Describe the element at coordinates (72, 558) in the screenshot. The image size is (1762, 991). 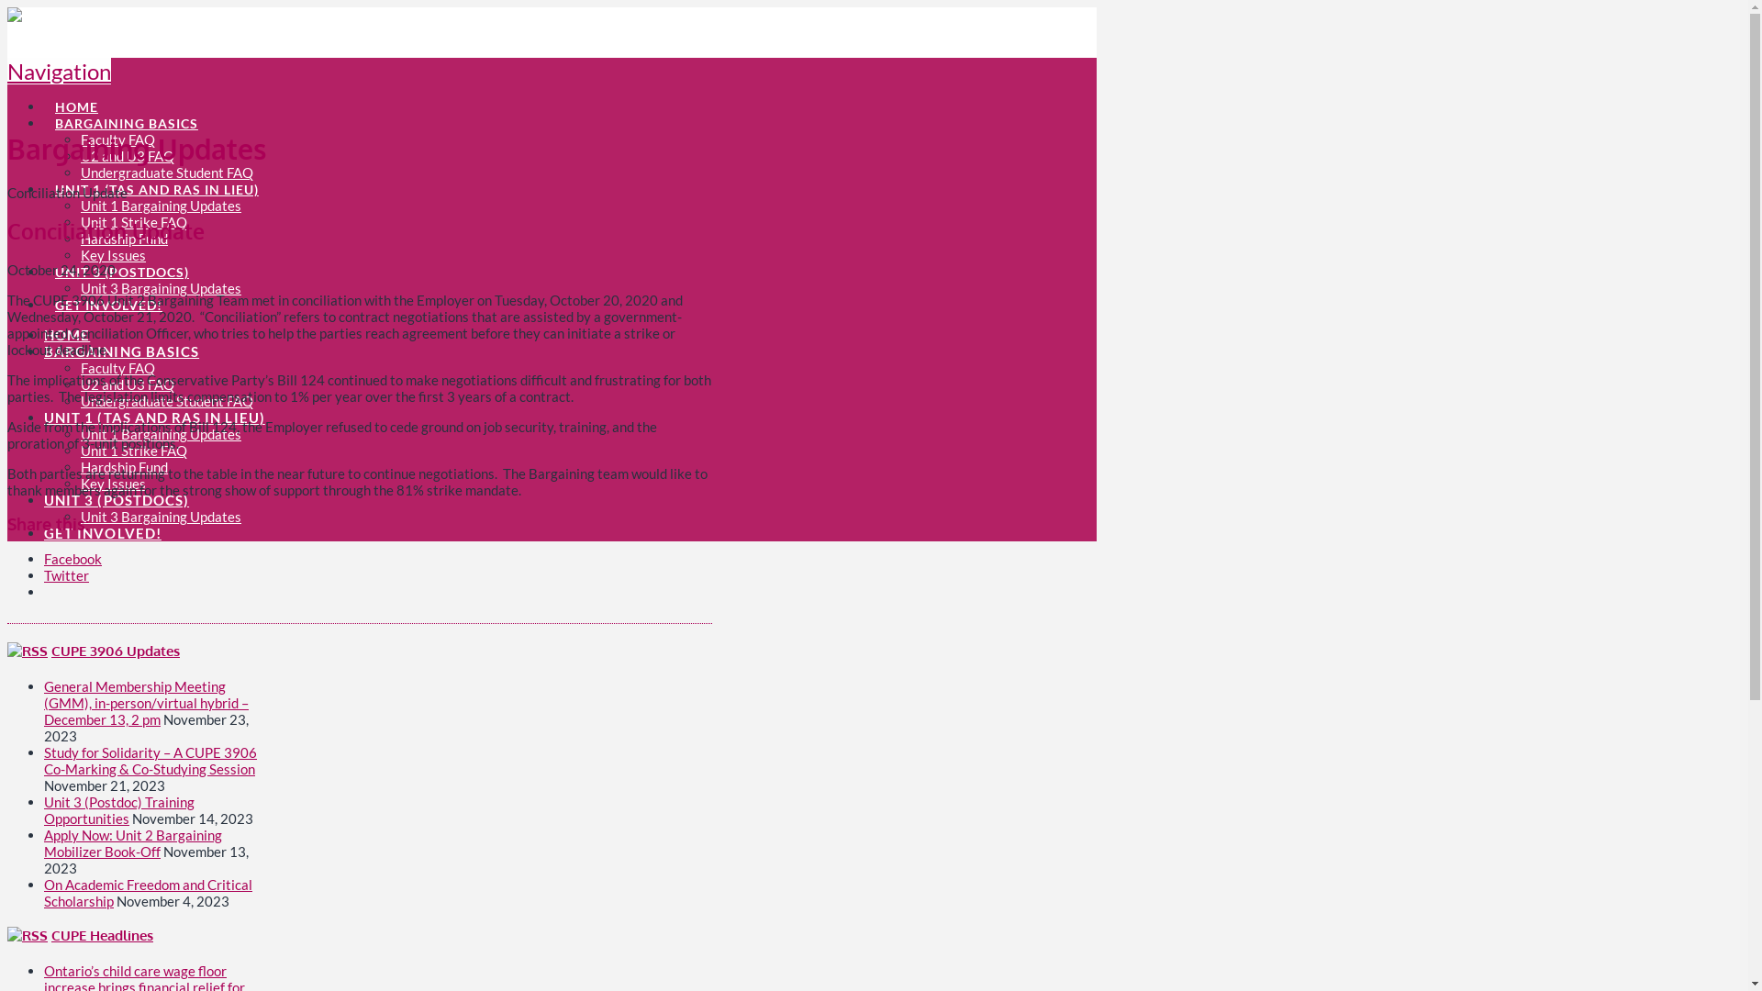
I see `'Facebook'` at that location.